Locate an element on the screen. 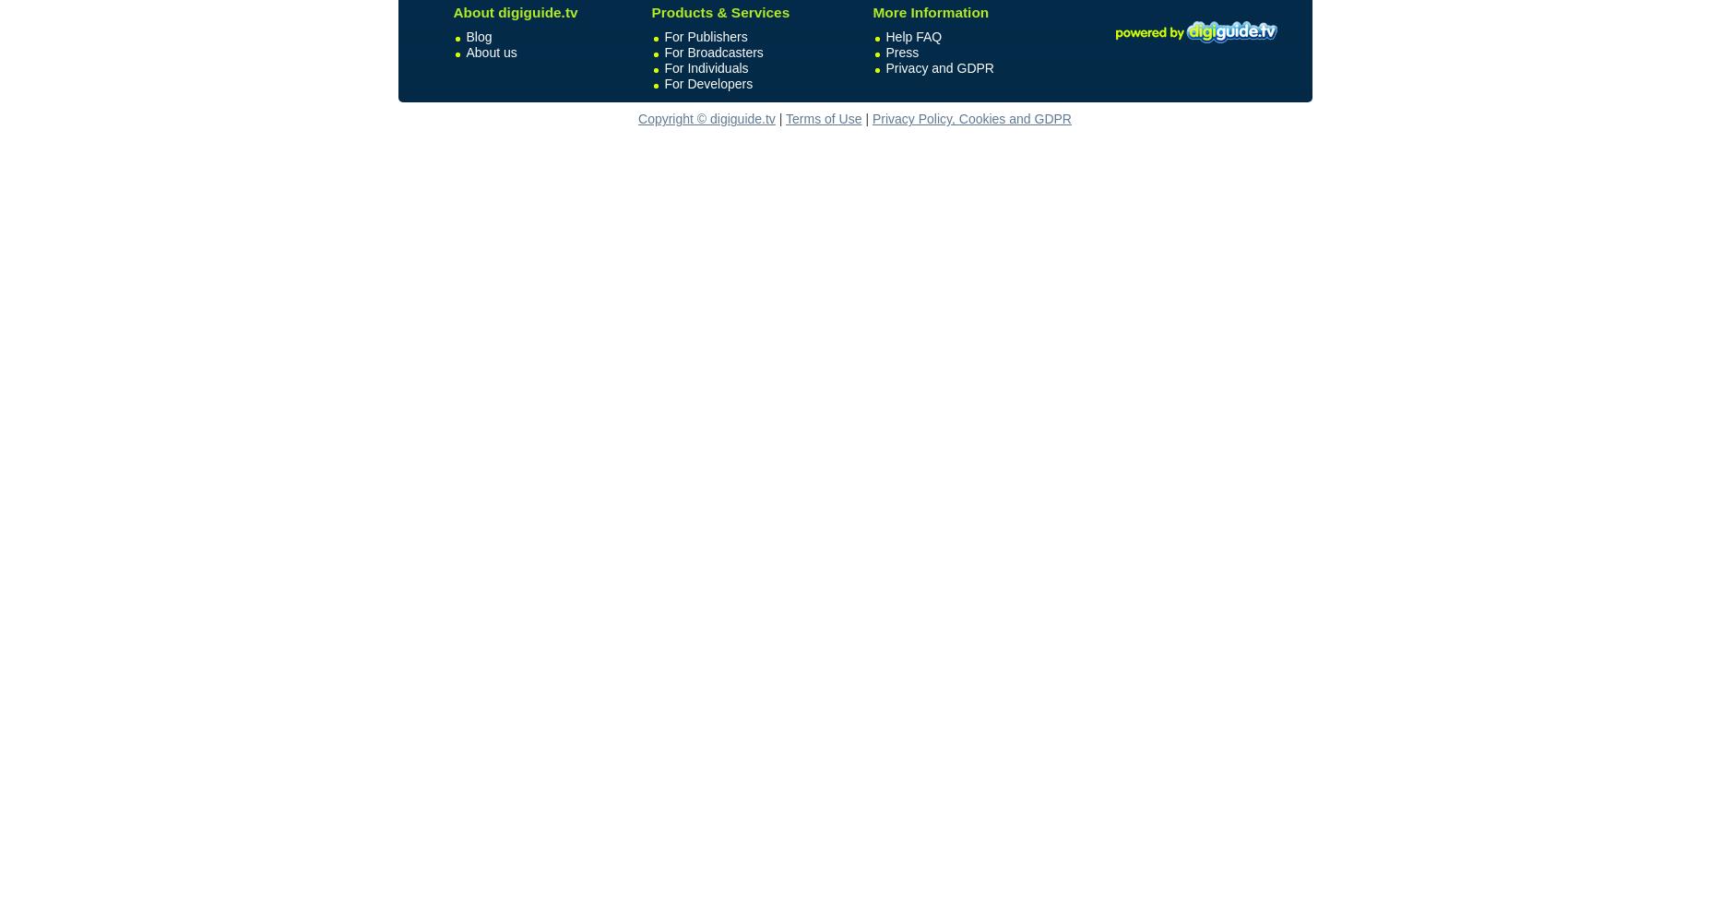 Image resolution: width=1710 pixels, height=922 pixels. 'For Developers' is located at coordinates (707, 83).